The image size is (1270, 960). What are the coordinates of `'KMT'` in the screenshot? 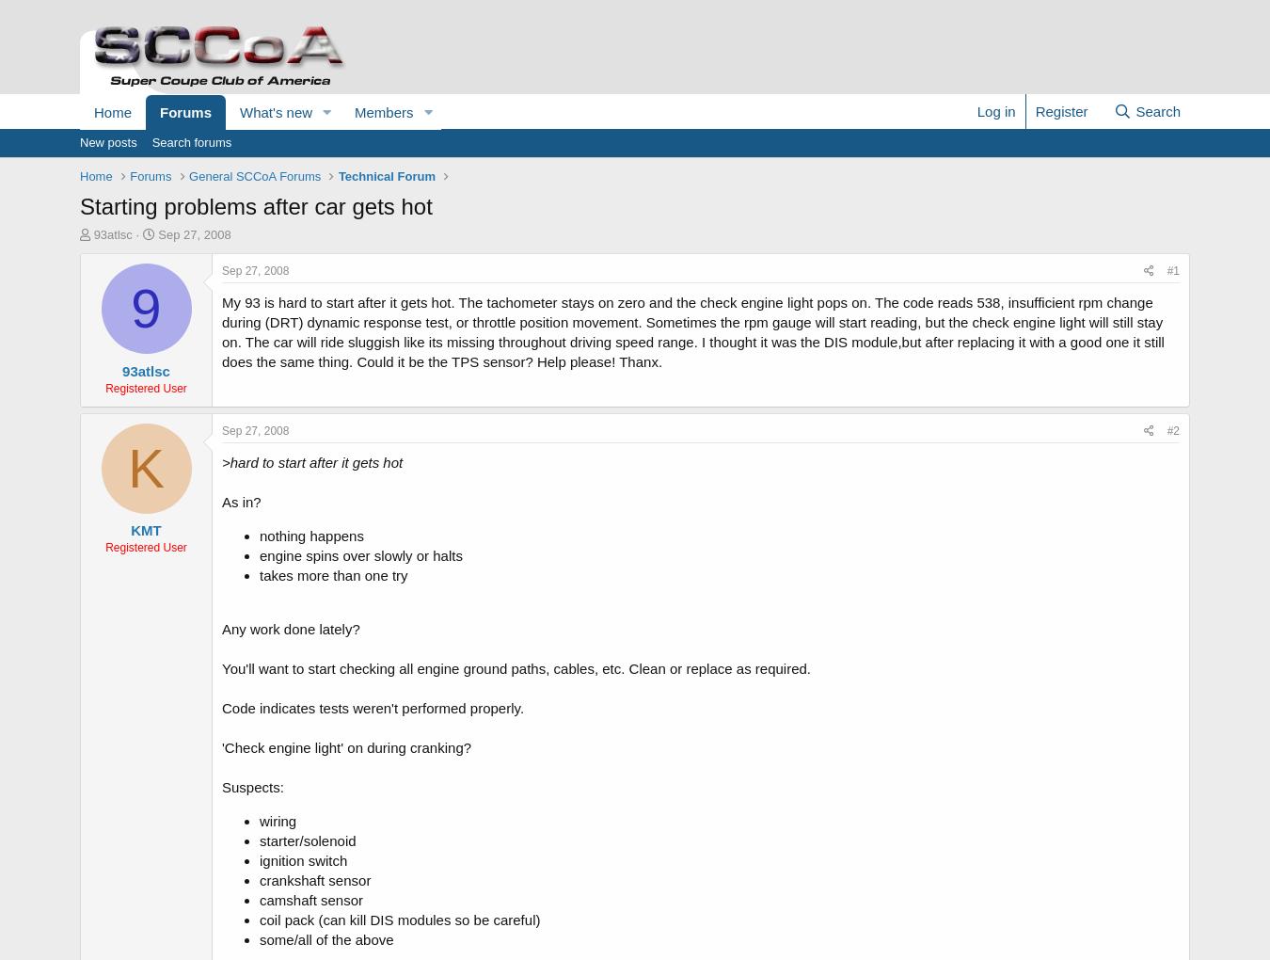 It's located at (145, 530).